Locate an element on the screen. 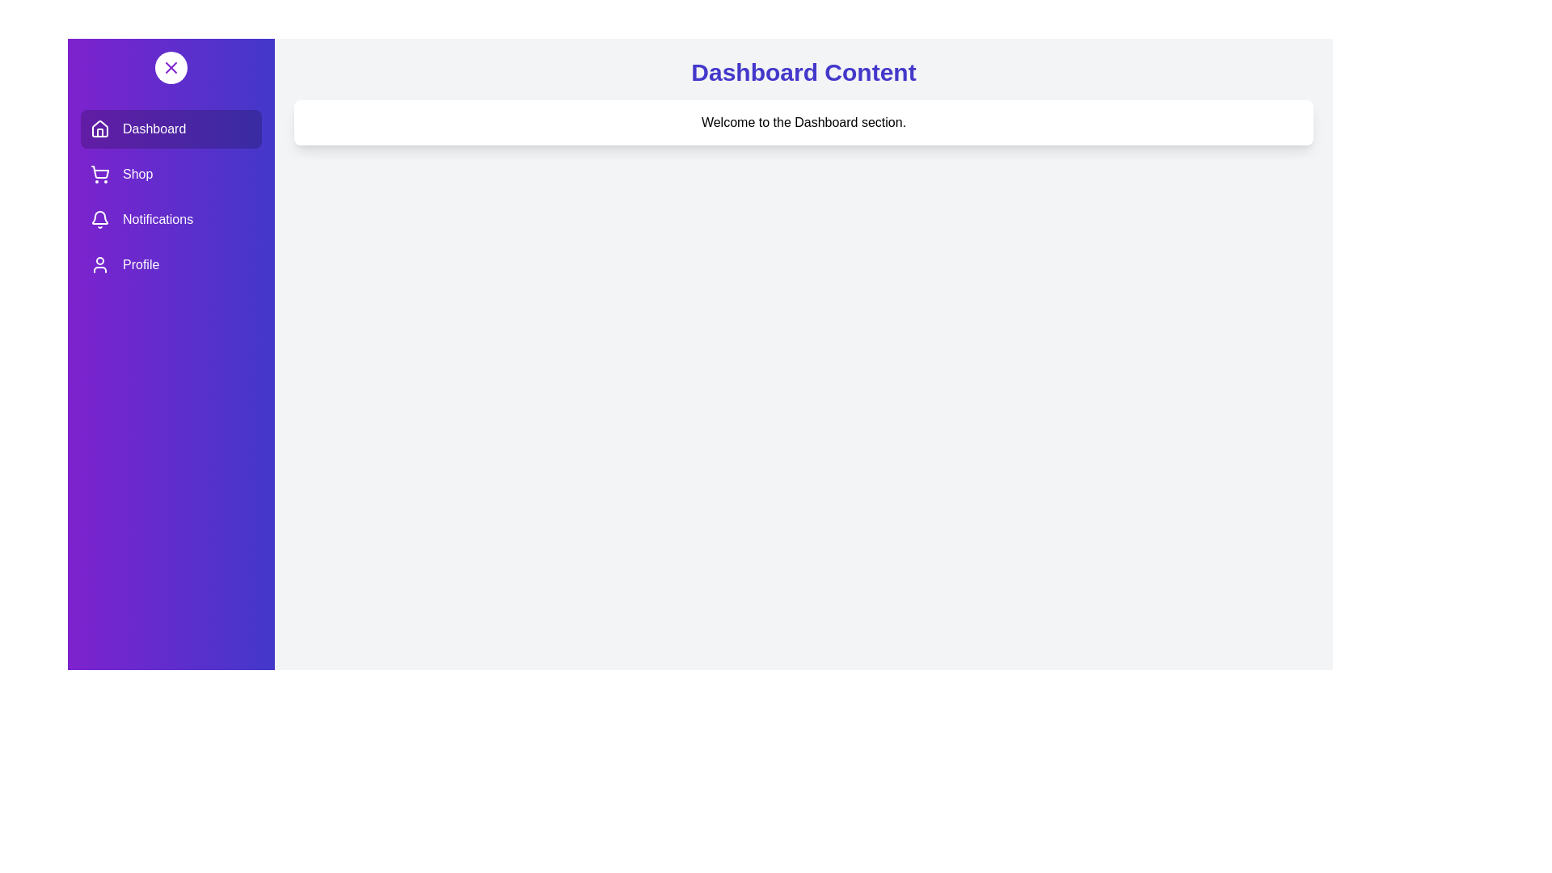  the Shop section in the drawer to activate it is located at coordinates (171, 175).